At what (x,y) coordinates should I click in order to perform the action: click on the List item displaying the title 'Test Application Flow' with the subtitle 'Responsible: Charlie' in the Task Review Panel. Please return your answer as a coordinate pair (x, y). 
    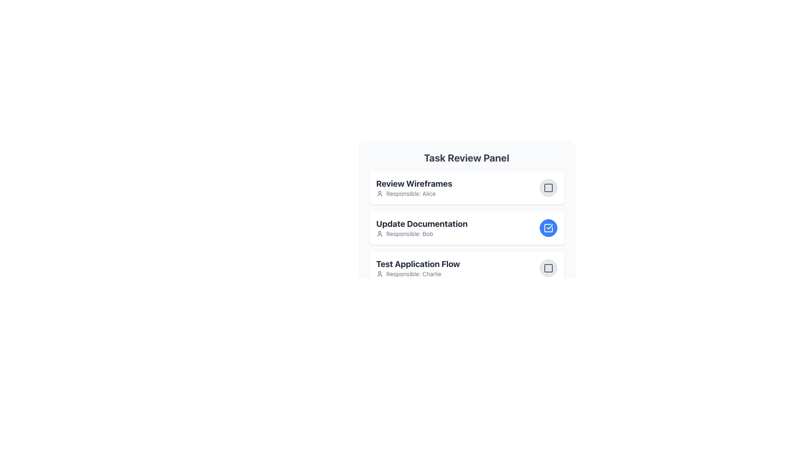
    Looking at the image, I should click on (418, 268).